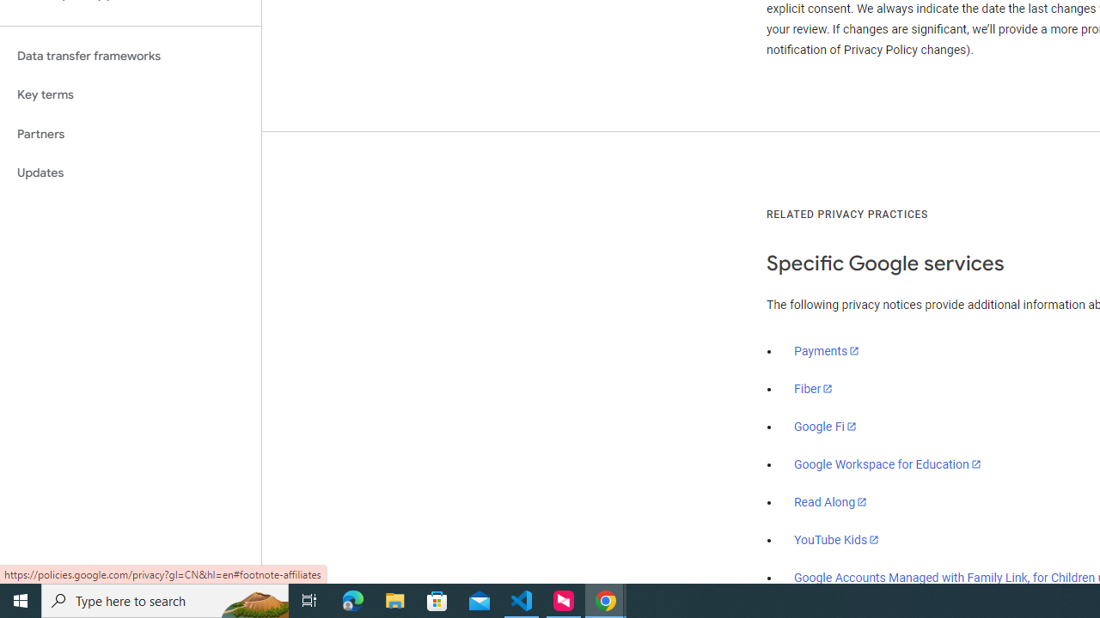 The image size is (1100, 618). Describe the element at coordinates (825, 426) in the screenshot. I see `'Google Fi'` at that location.